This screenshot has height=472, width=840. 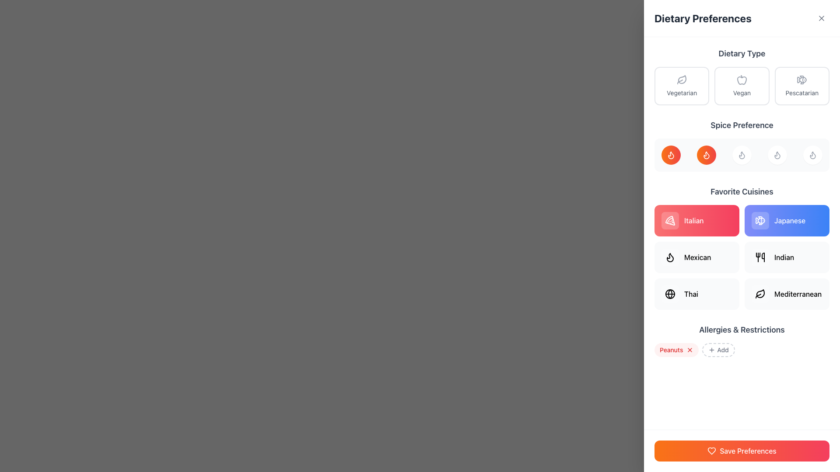 I want to click on the flame-shaped red-orange icon in the 'Spice Preference' section of the 'Dietary Preferences' dialog, so click(x=706, y=154).